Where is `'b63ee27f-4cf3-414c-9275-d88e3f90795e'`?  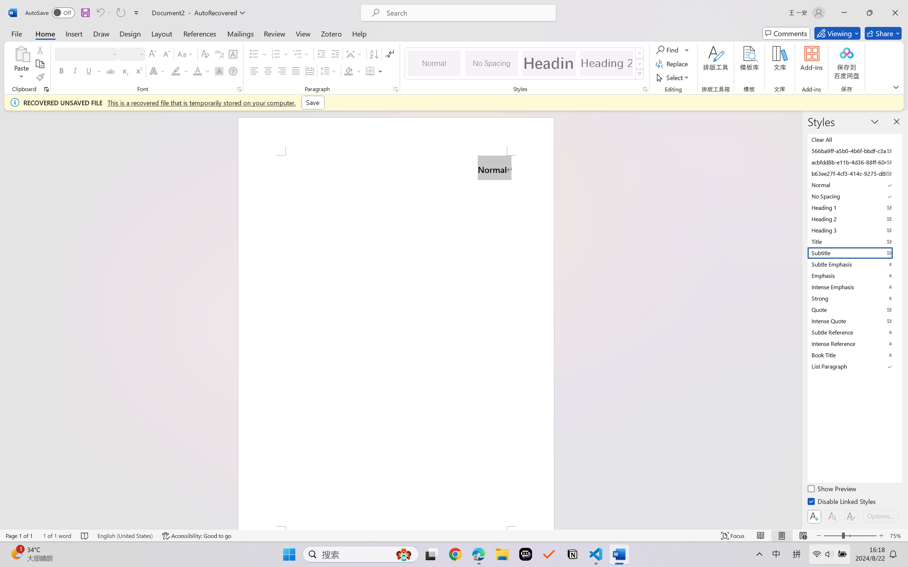 'b63ee27f-4cf3-414c-9275-d88e3f90795e' is located at coordinates (854, 173).